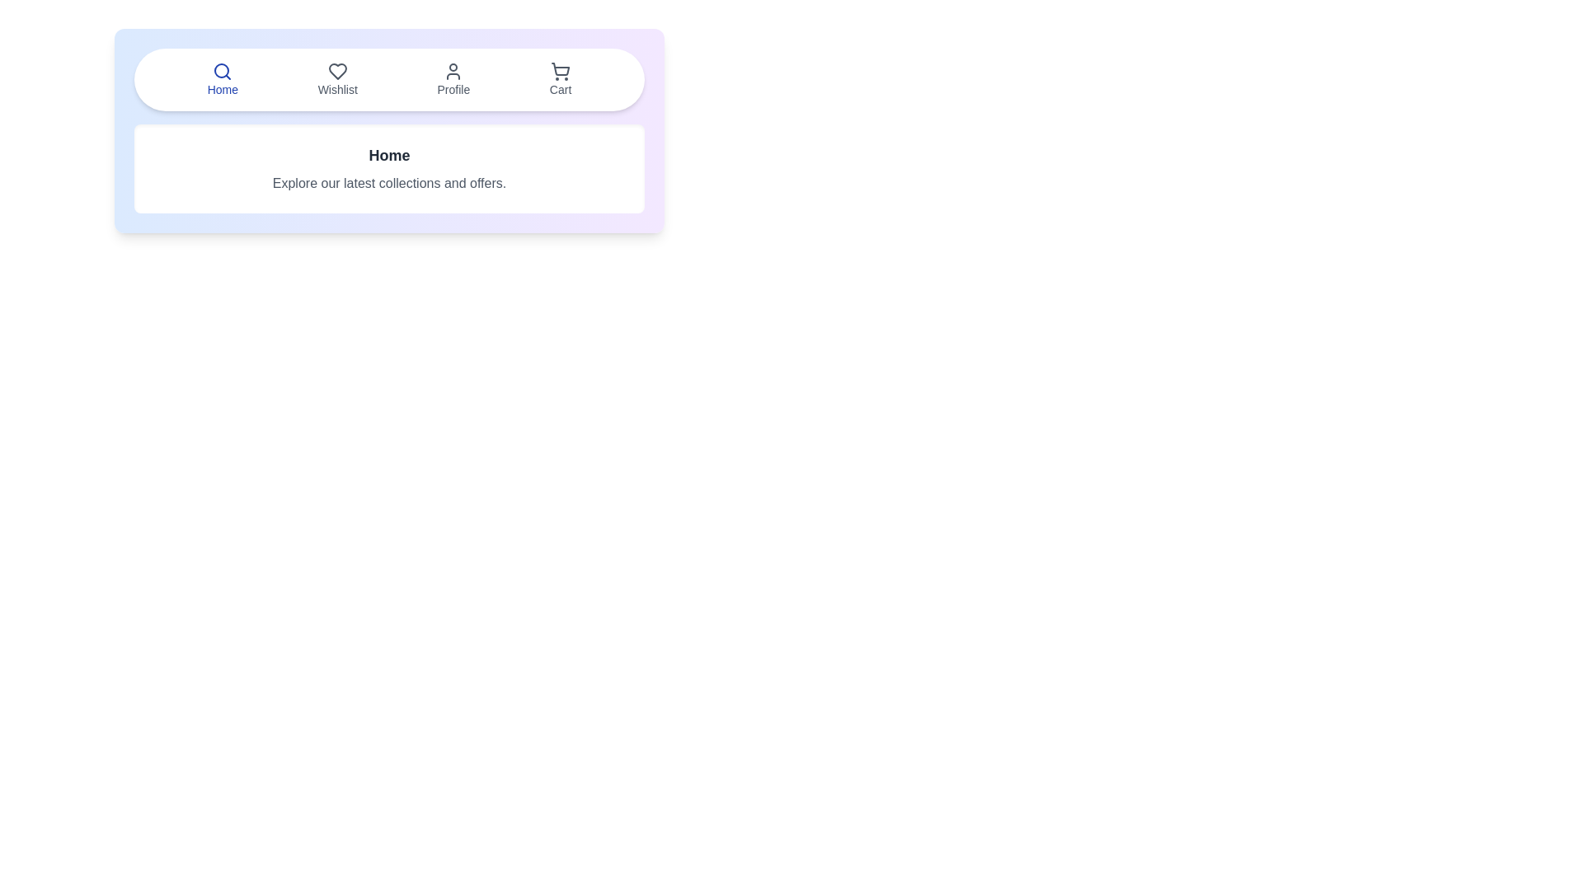 This screenshot has height=890, width=1583. What do you see at coordinates (453, 79) in the screenshot?
I see `the tab labeled Profile to switch to that tab` at bounding box center [453, 79].